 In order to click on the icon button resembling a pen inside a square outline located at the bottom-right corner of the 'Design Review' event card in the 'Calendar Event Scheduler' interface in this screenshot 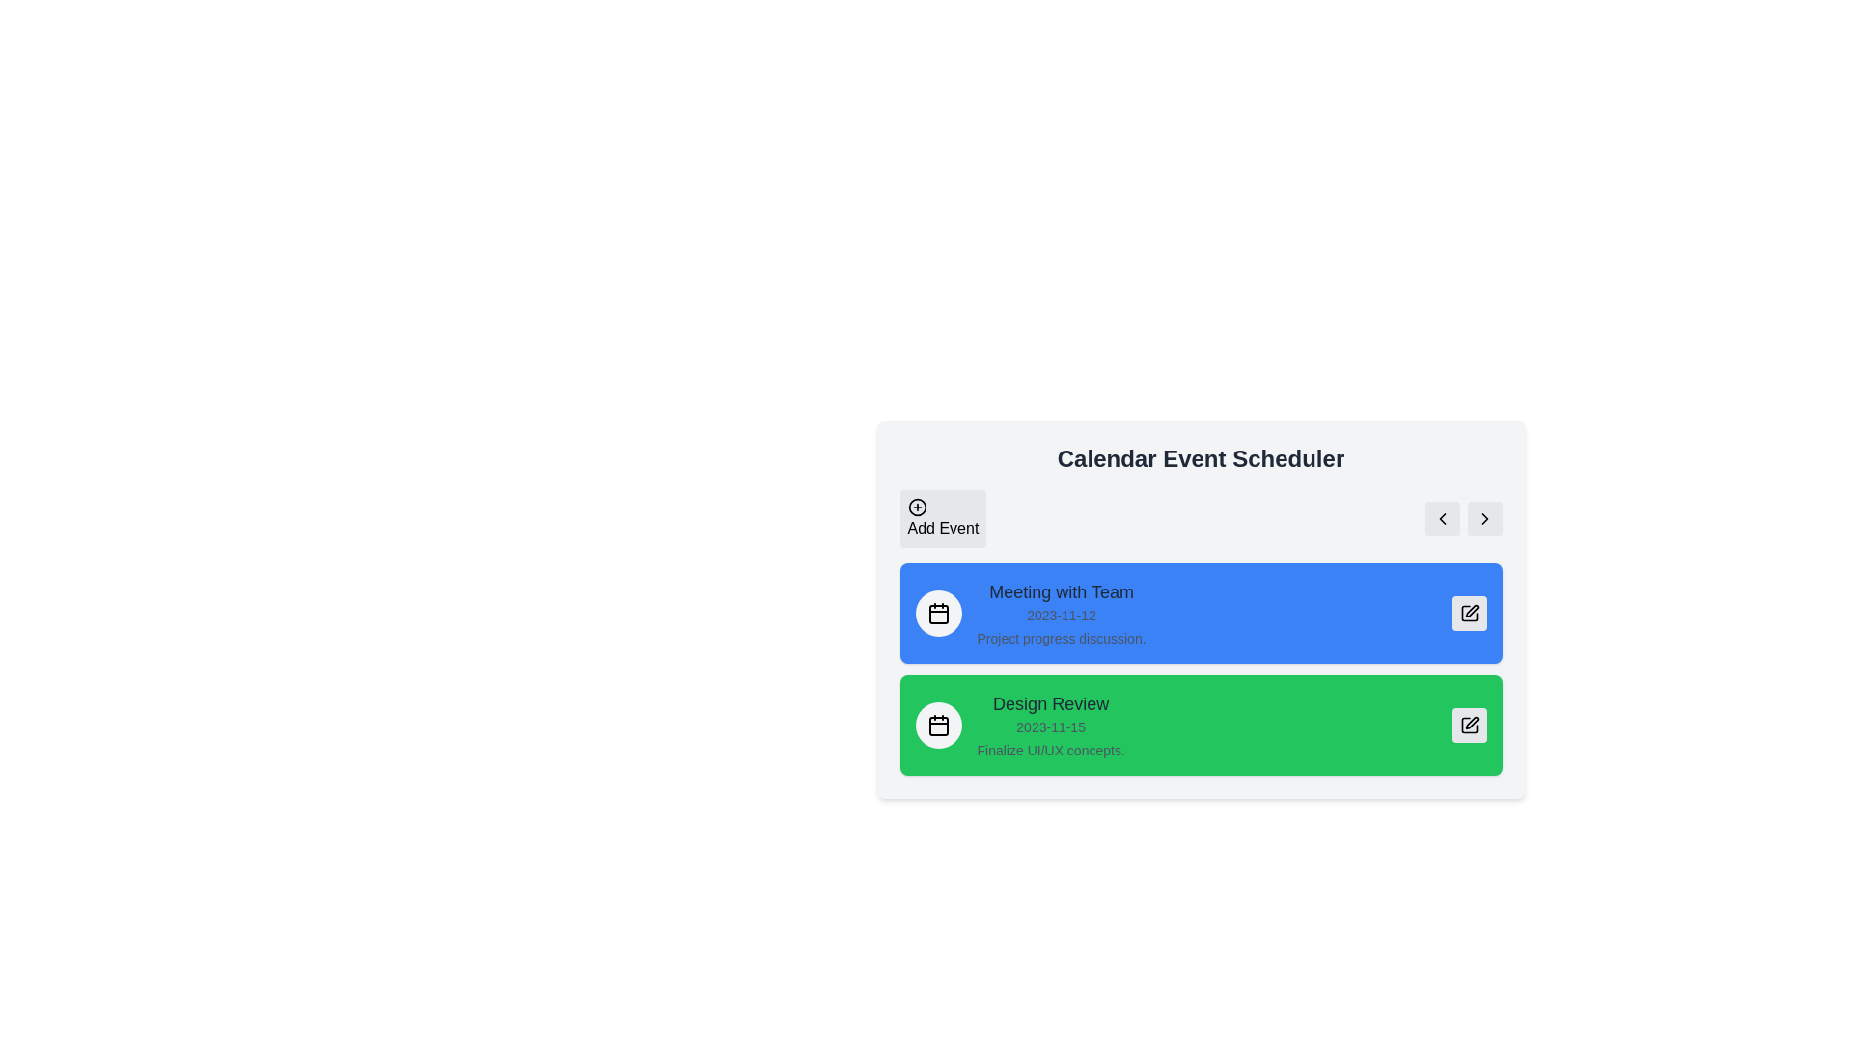, I will do `click(1468, 726)`.